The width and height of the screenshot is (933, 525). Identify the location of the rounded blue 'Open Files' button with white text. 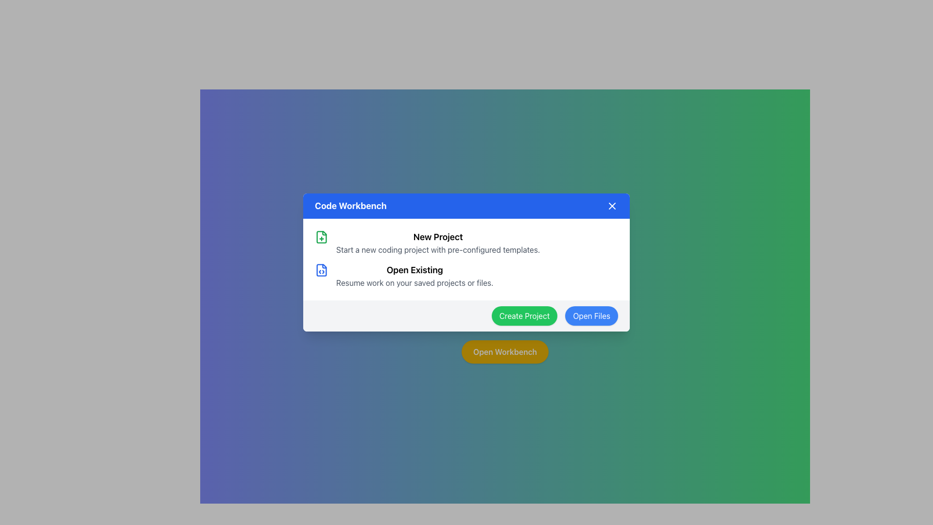
(591, 316).